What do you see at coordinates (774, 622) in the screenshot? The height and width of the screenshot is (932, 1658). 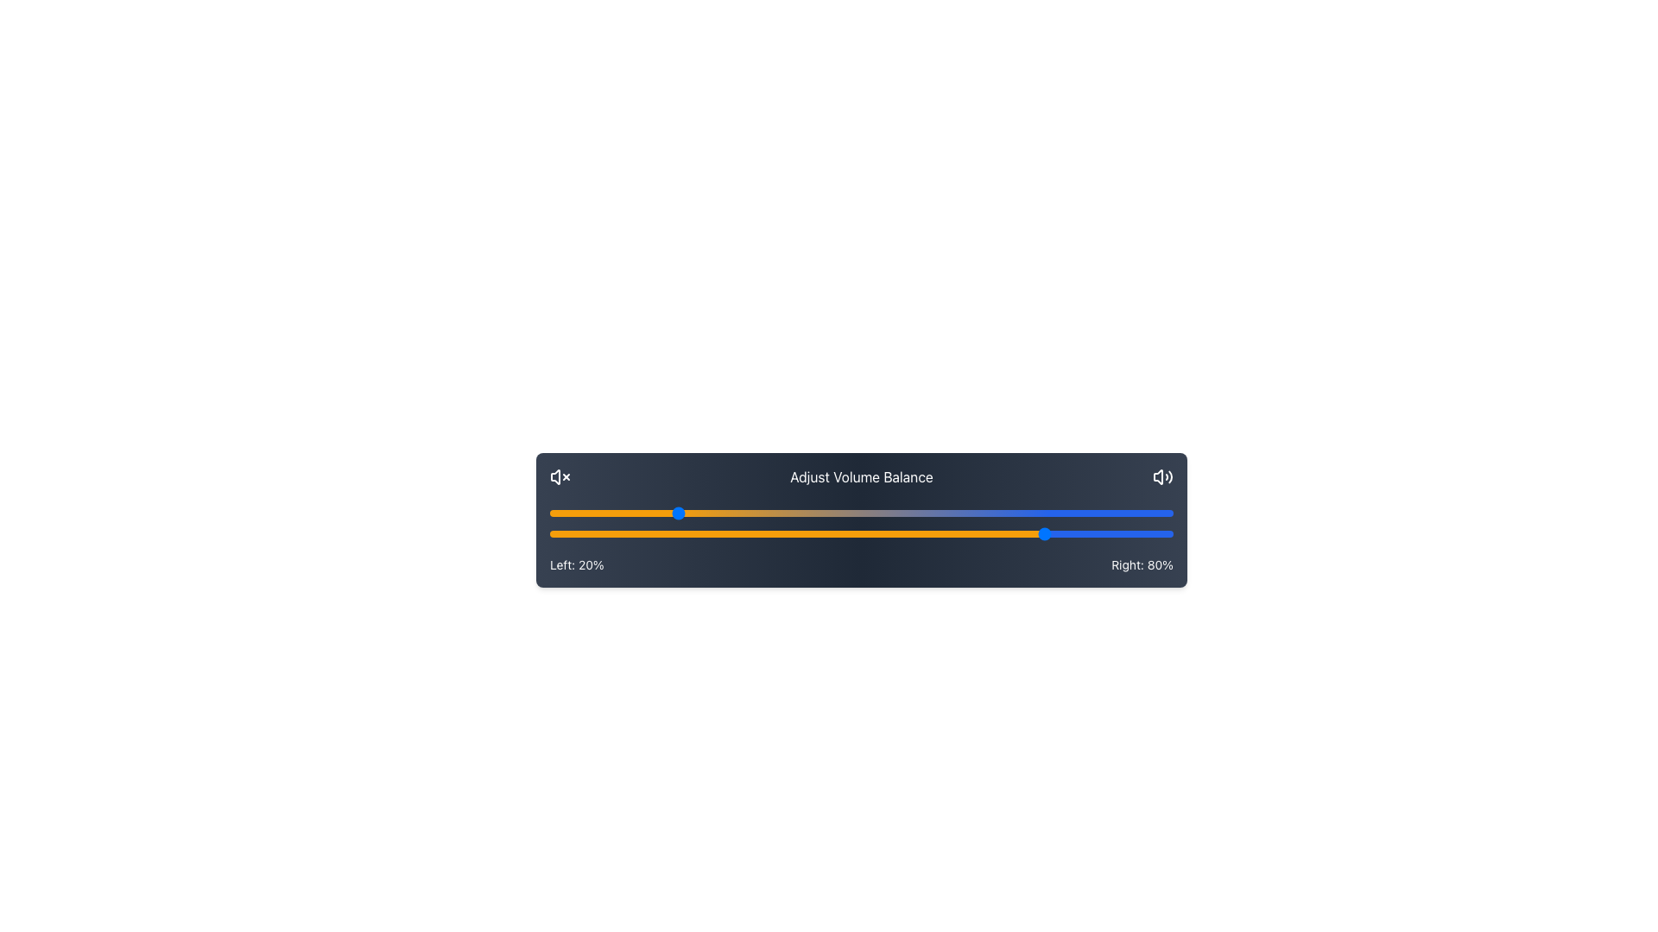 I see `the slider handles on the 'Adjust Volume Balance' panel` at bounding box center [774, 622].